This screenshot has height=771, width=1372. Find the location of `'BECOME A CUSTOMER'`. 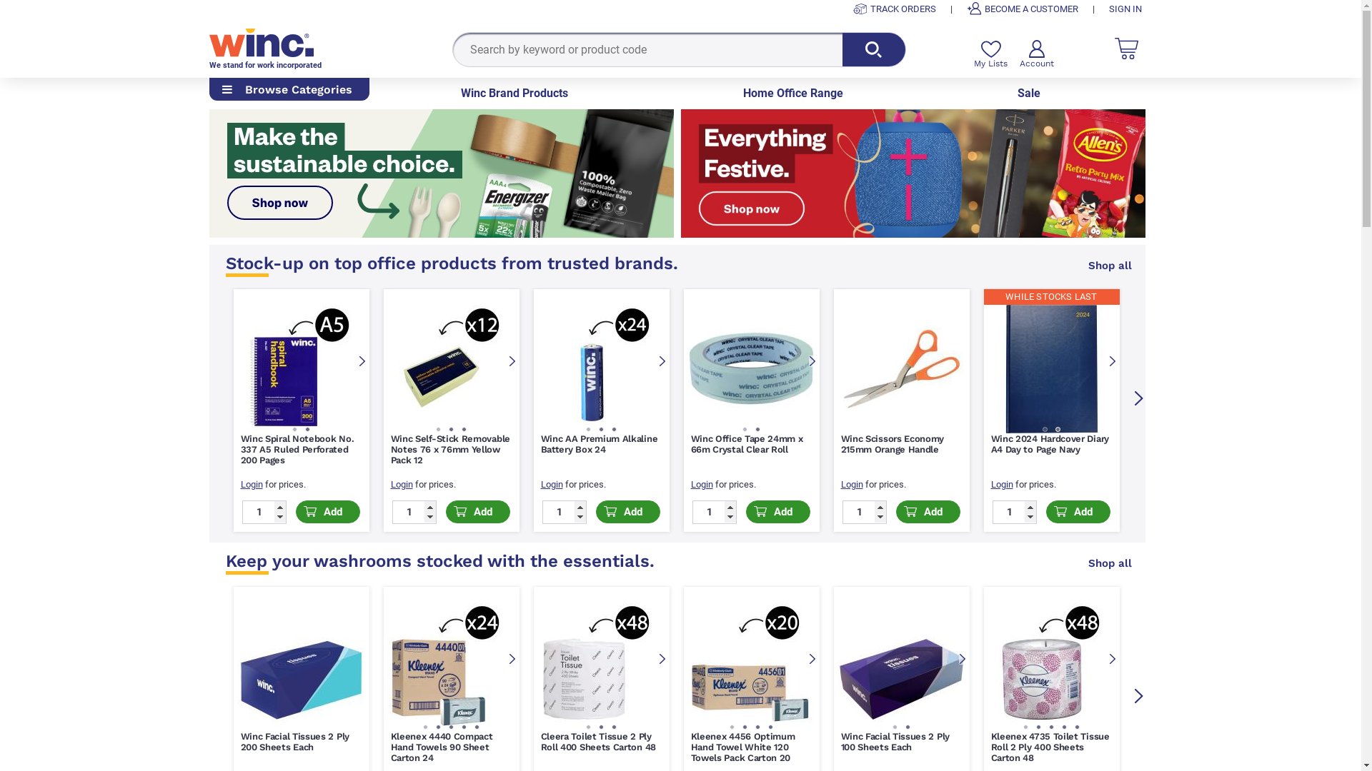

'BECOME A CUSTOMER' is located at coordinates (966, 9).